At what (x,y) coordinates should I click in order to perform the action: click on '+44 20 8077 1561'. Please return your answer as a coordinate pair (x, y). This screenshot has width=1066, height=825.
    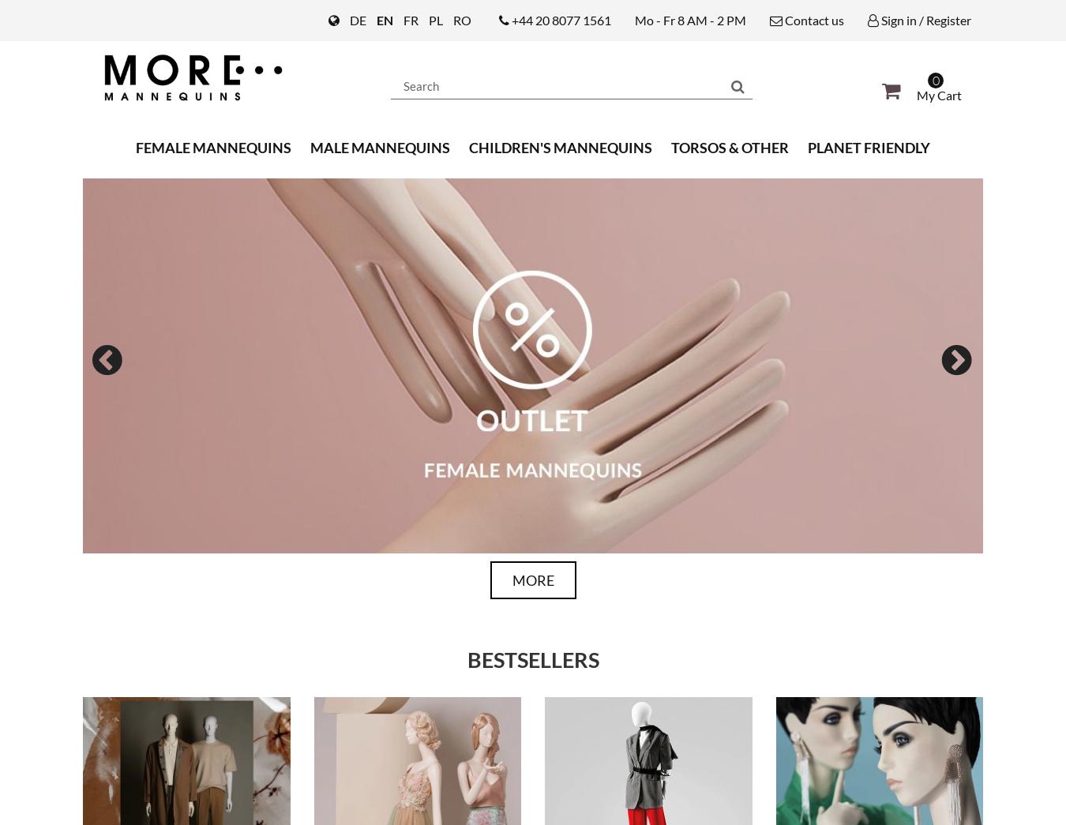
    Looking at the image, I should click on (561, 19).